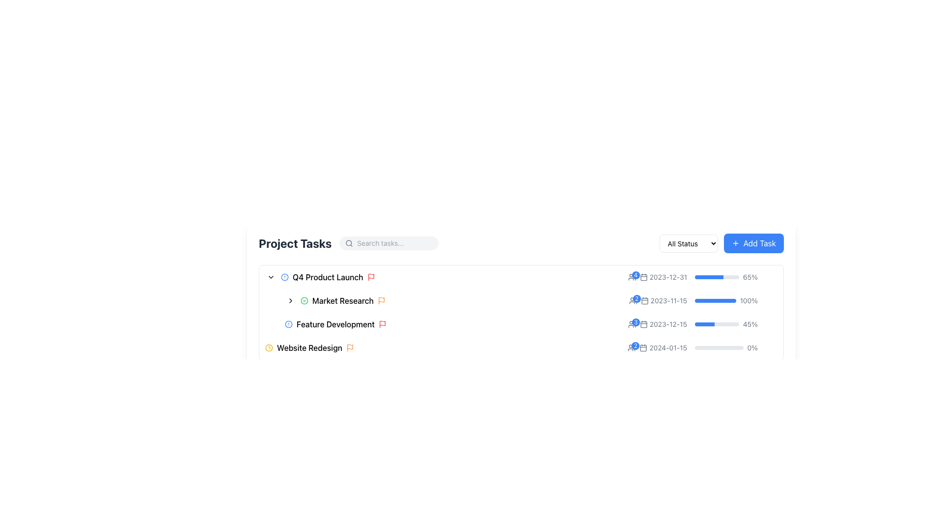 Image resolution: width=943 pixels, height=530 pixels. Describe the element at coordinates (633, 300) in the screenshot. I see `the badge indicating the number of participants or associated items next to the group icon for the second task dated '2023-11-15'` at that location.